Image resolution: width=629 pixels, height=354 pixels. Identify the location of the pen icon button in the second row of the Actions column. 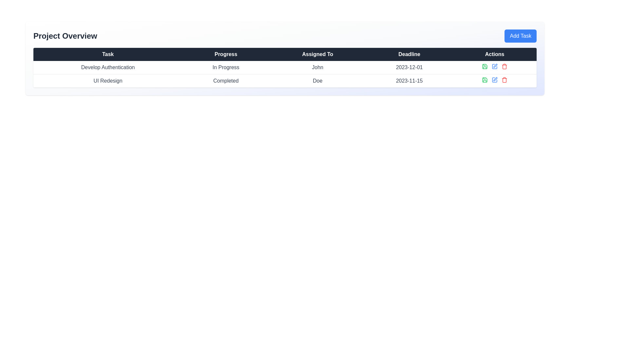
(495, 79).